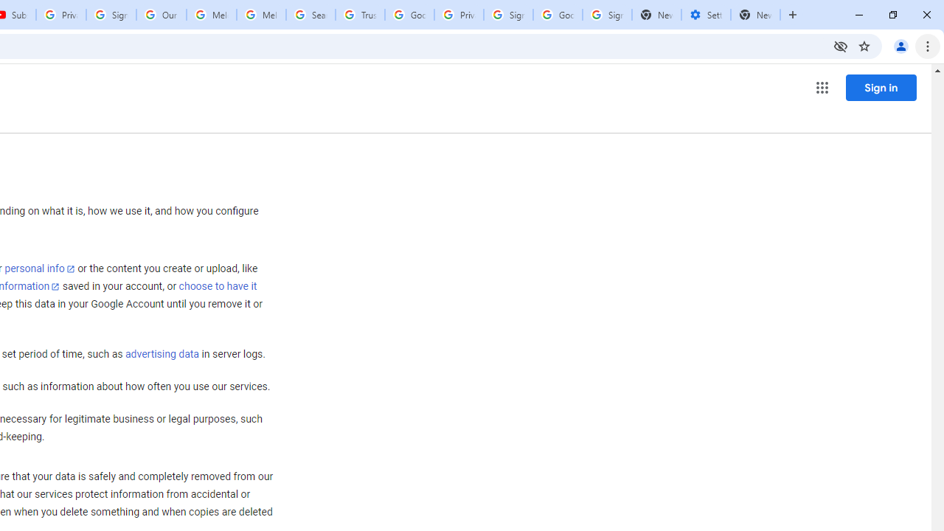 This screenshot has height=531, width=944. Describe the element at coordinates (111, 15) in the screenshot. I see `'Sign in - Google Accounts'` at that location.